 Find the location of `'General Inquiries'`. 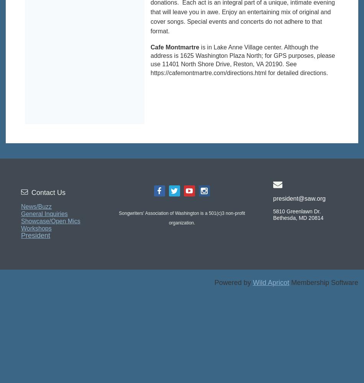

'General Inquiries' is located at coordinates (44, 213).